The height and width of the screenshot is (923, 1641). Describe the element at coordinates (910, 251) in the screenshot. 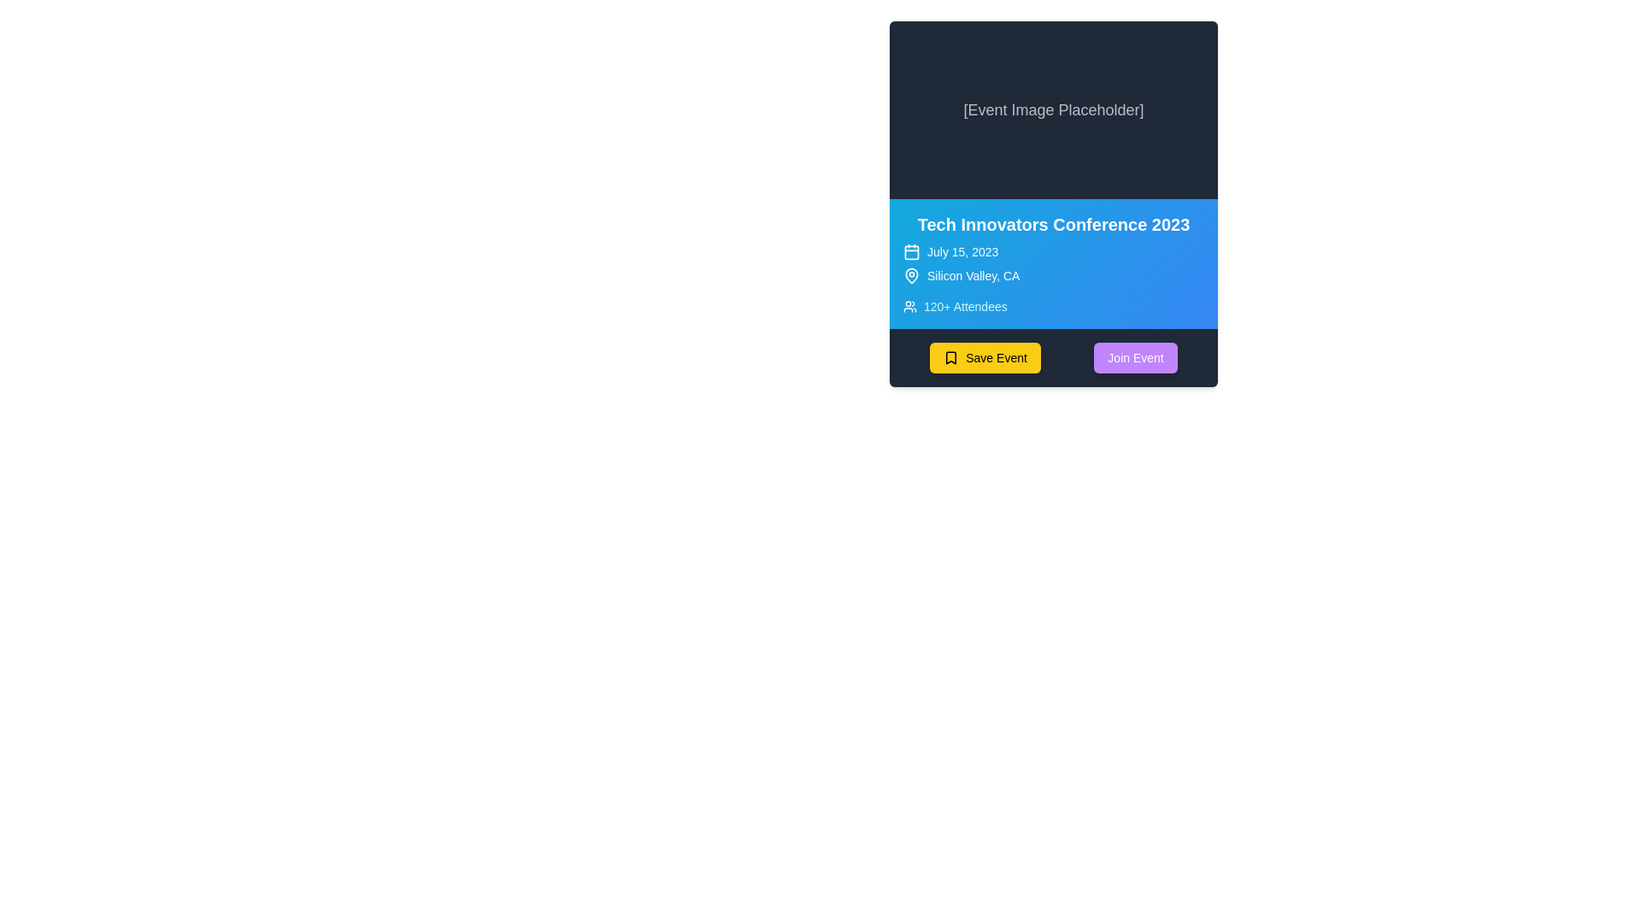

I see `the decorative visual element inside the calendar icon located to the left of the text 'July 15, 2023' under the title 'Tech Innovators Conference 2023'` at that location.